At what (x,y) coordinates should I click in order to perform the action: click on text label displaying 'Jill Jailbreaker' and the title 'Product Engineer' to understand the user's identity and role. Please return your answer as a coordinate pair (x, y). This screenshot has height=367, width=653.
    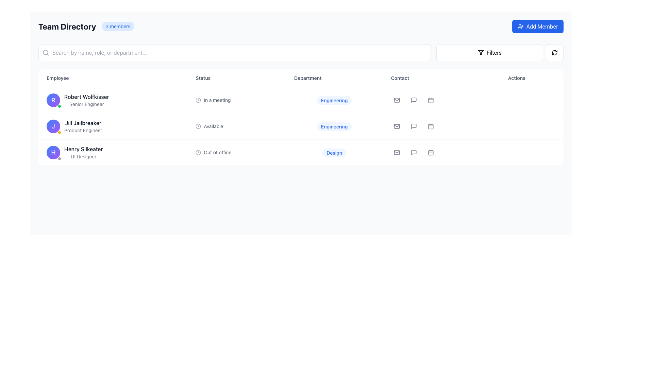
    Looking at the image, I should click on (83, 126).